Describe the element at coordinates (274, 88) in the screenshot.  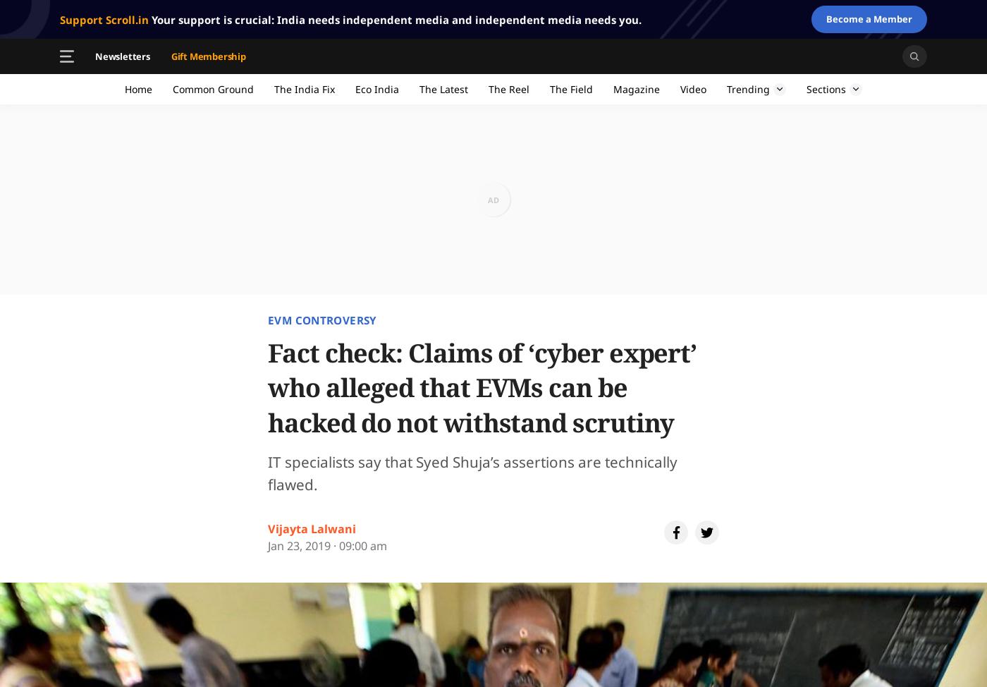
I see `'The India Fix'` at that location.